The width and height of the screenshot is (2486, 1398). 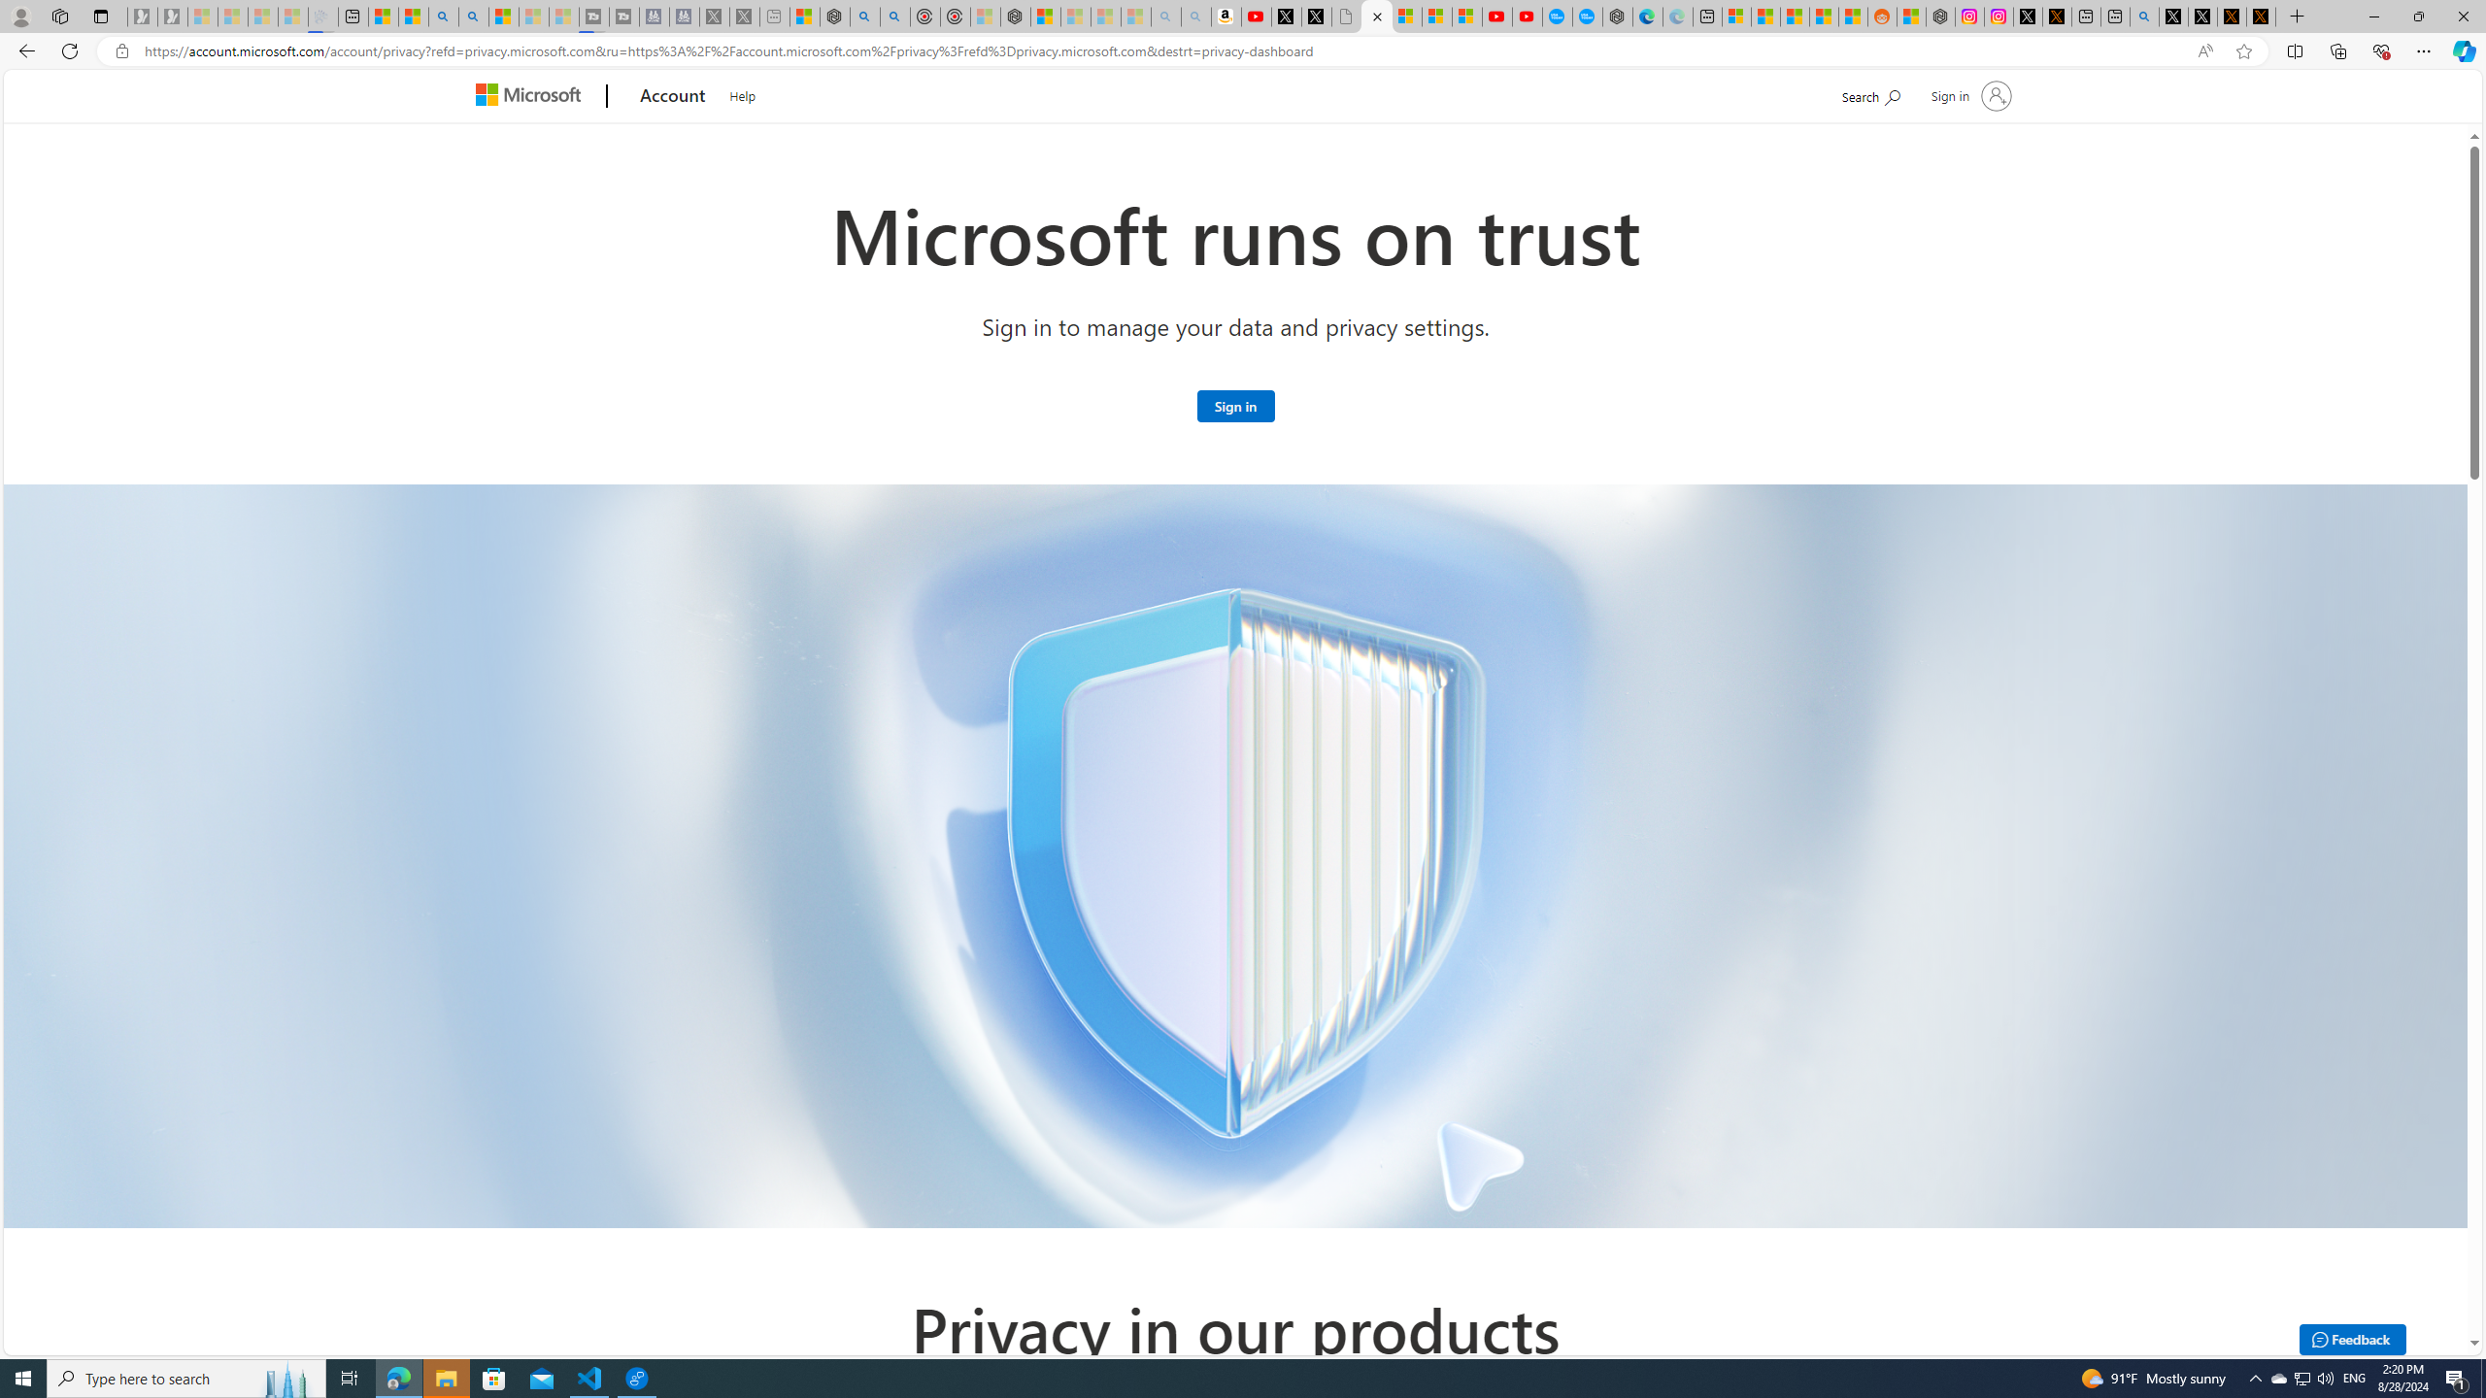 What do you see at coordinates (1195, 16) in the screenshot?
I see `'Amazon Echo Dot PNG - Search Images - Sleeping'` at bounding box center [1195, 16].